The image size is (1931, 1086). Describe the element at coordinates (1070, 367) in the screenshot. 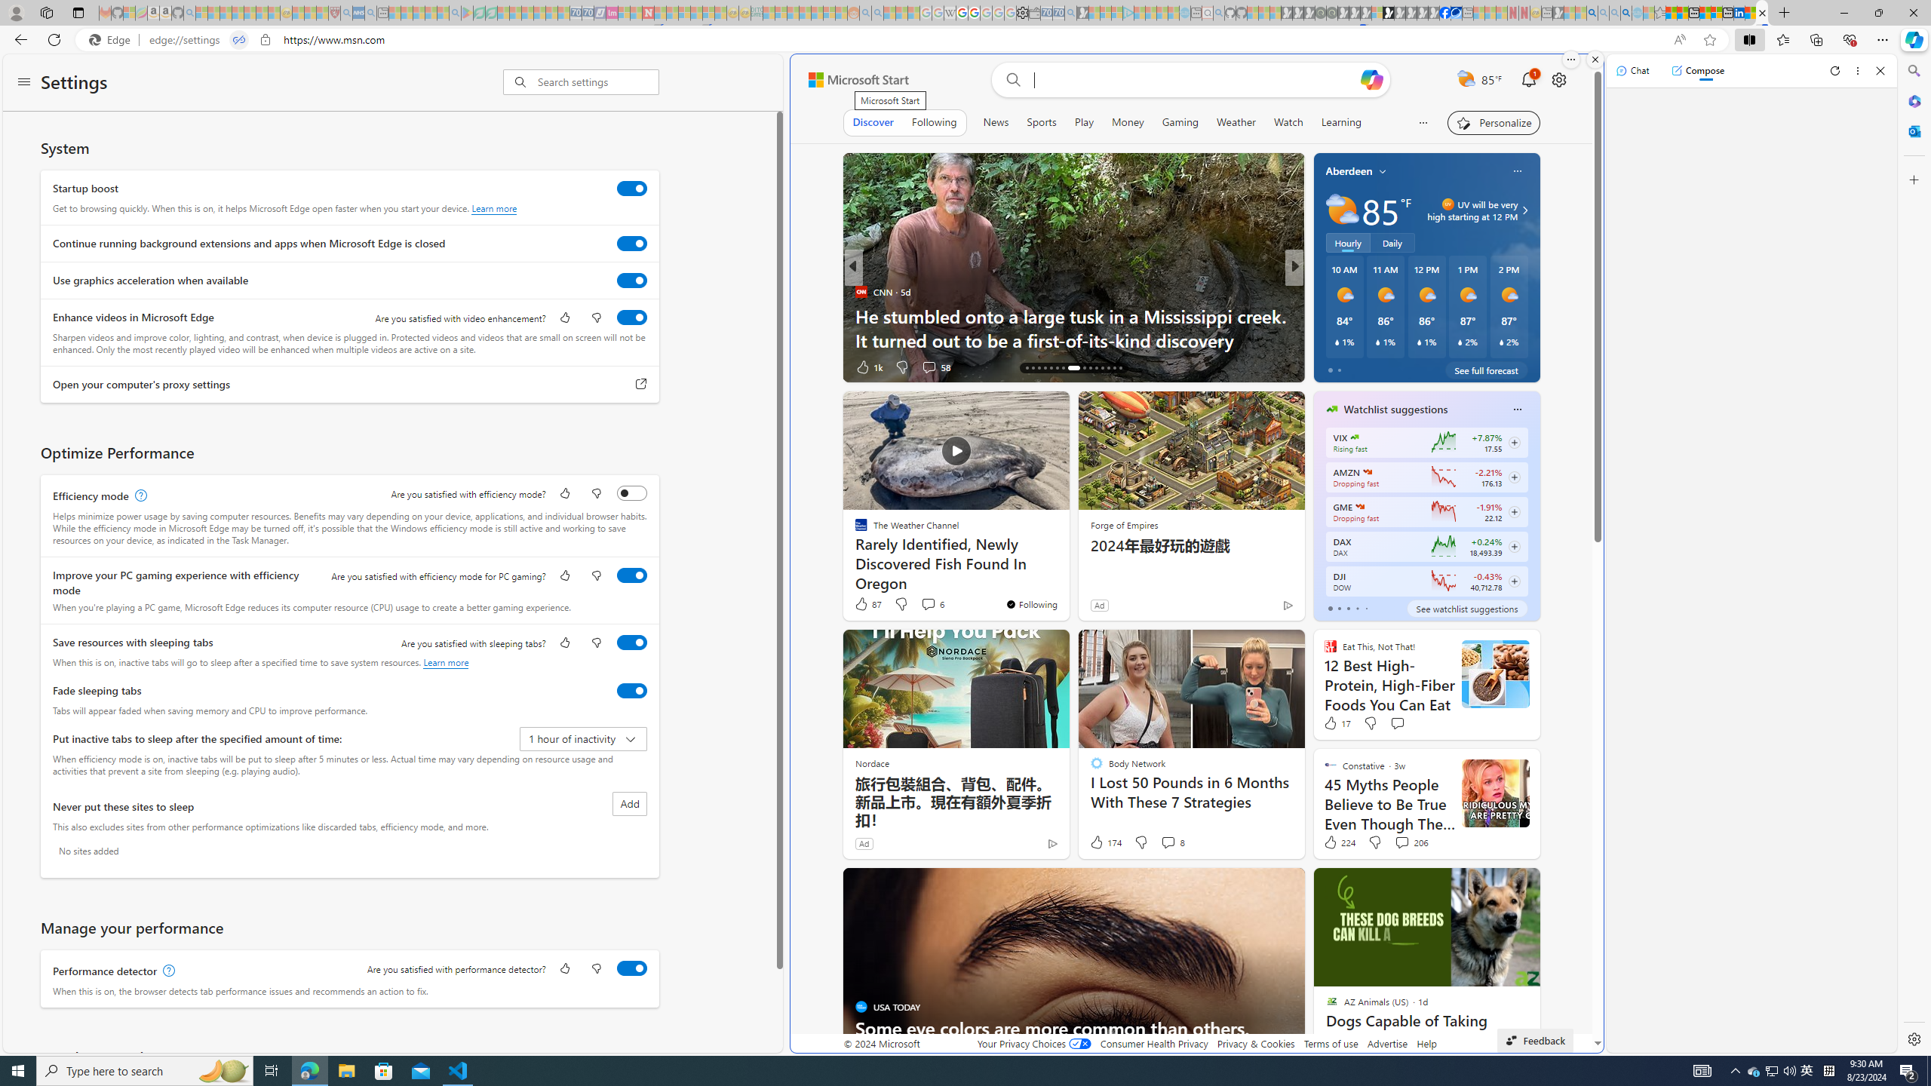

I see `'AutomationID: tab-23'` at that location.